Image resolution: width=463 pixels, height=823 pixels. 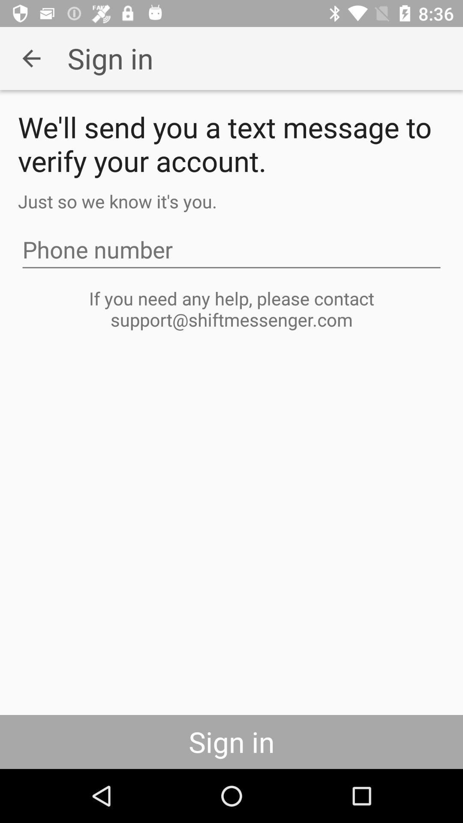 What do you see at coordinates (31, 58) in the screenshot?
I see `the item to the left of the sign in` at bounding box center [31, 58].